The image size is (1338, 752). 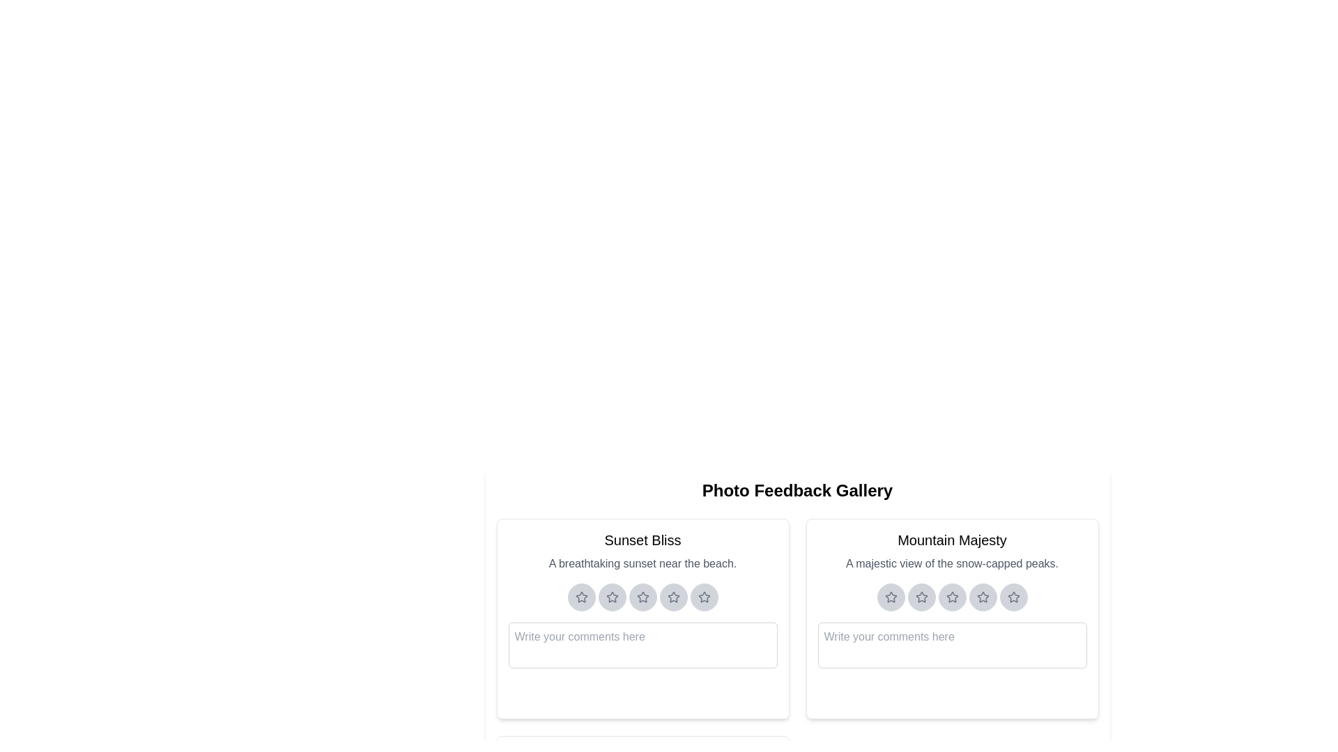 What do you see at coordinates (982, 596) in the screenshot?
I see `the third star icon from the left` at bounding box center [982, 596].